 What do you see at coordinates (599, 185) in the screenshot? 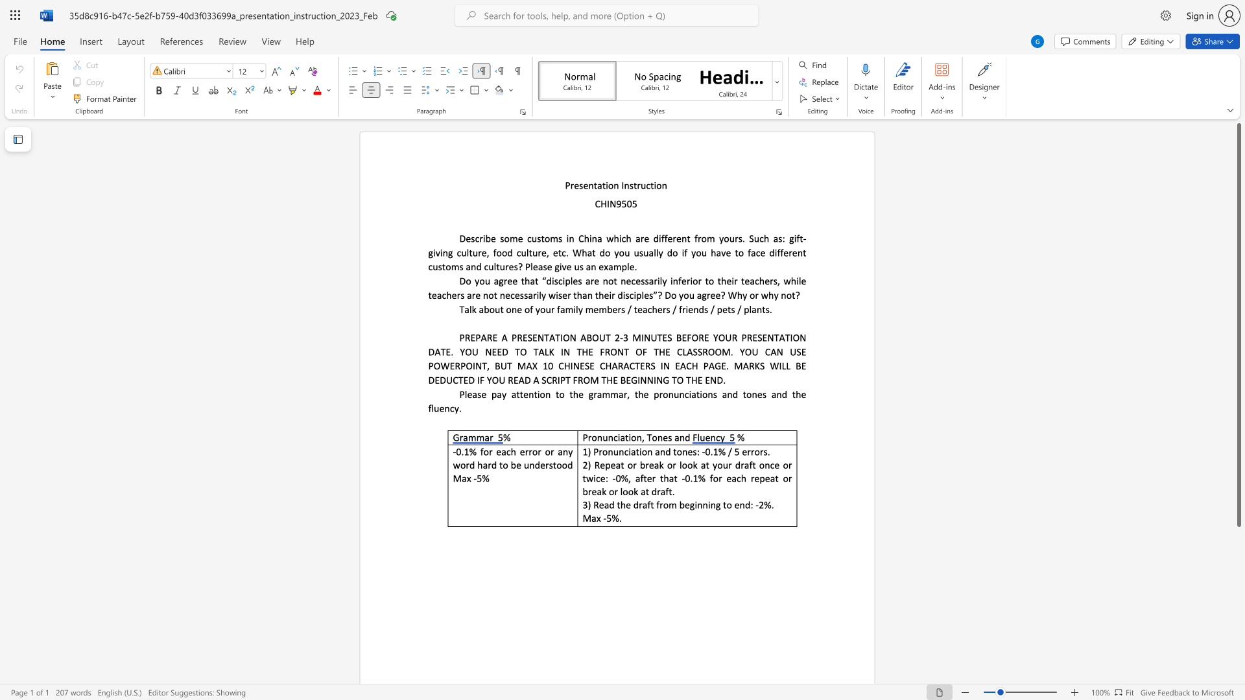
I see `the 1th character "a" in the text` at bounding box center [599, 185].